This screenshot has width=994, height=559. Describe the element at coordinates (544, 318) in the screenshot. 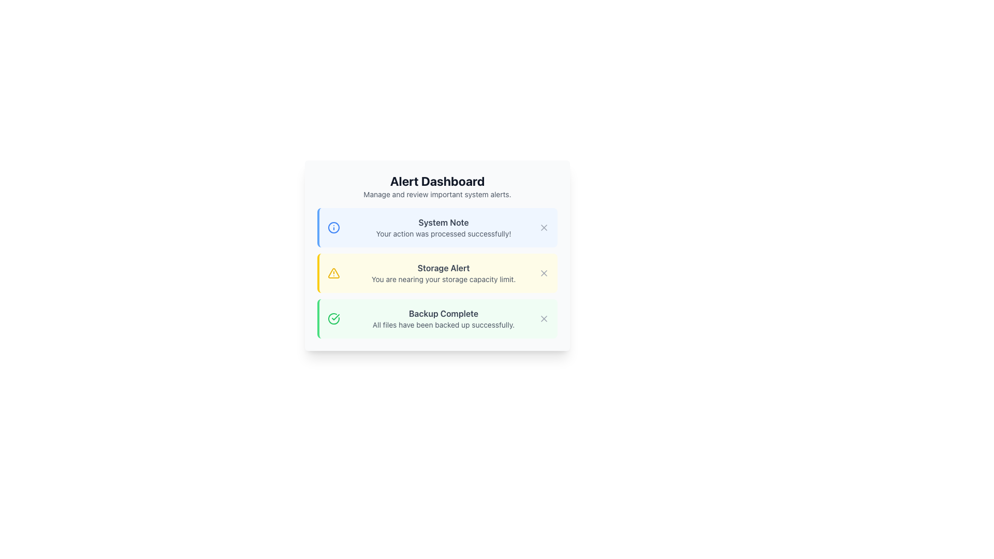

I see `the close icon of the 'Backup Complete' alert` at that location.